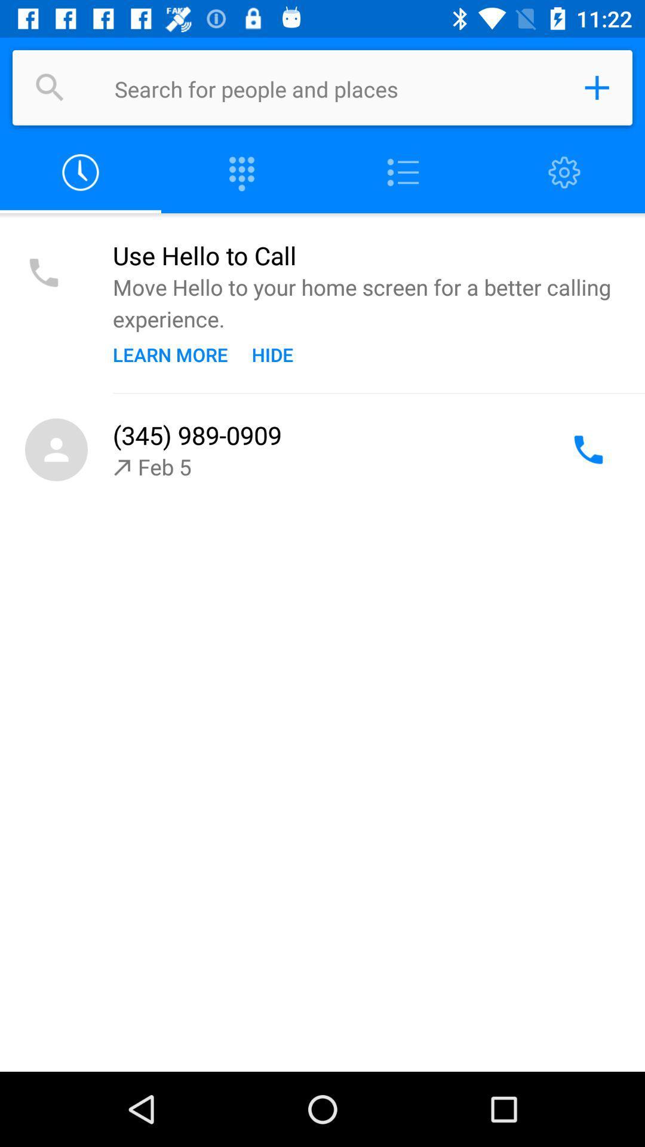  What do you see at coordinates (337, 87) in the screenshot?
I see `search terms` at bounding box center [337, 87].